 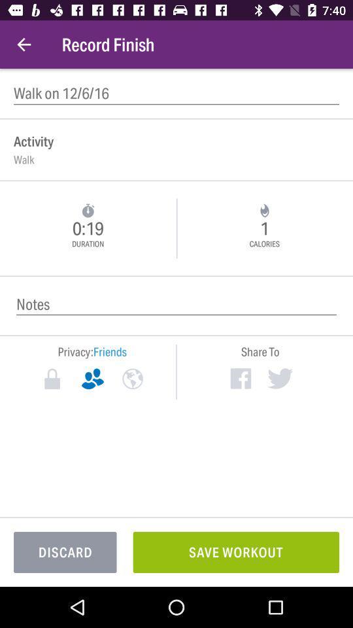 I want to click on share results to twitter, so click(x=279, y=378).